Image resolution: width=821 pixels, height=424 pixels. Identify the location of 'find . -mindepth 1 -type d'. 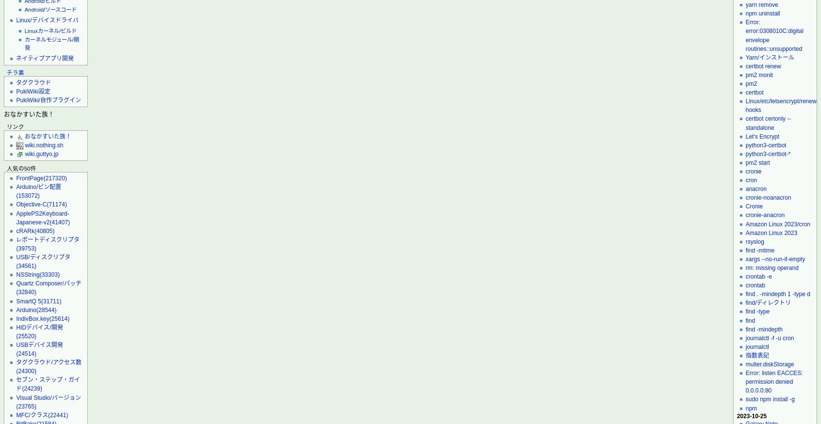
(777, 294).